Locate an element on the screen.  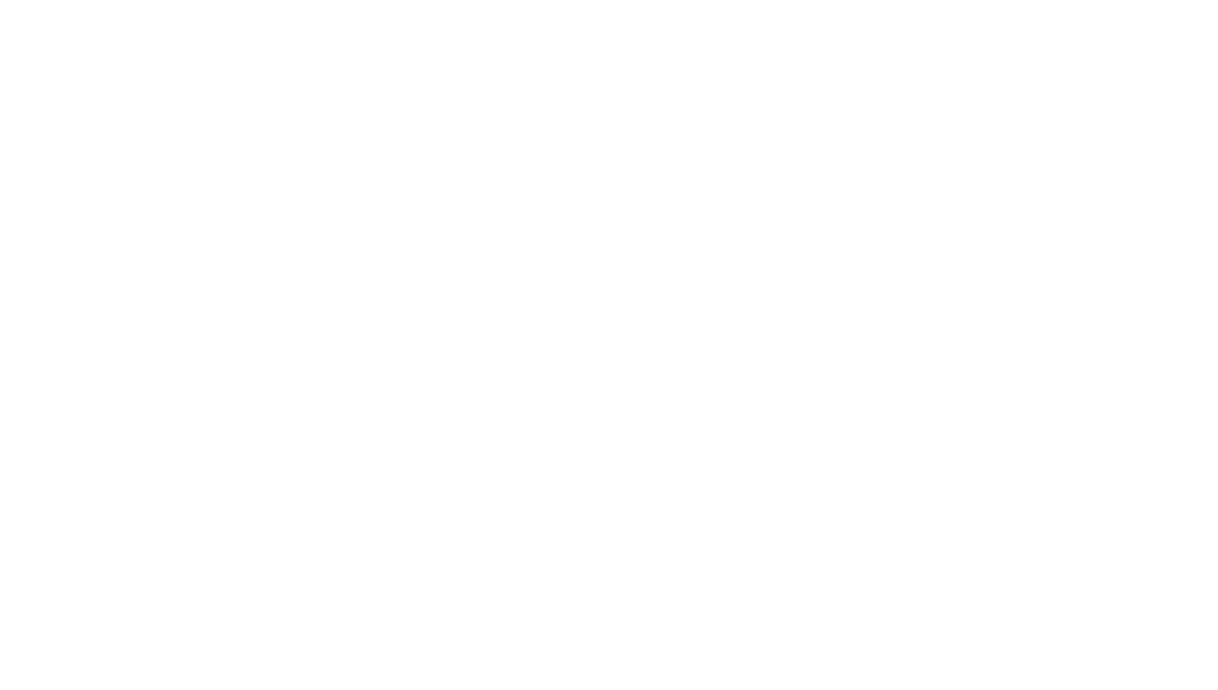
'The Revolution 6x6 is the second product in Black Lion Audio’s interface line.' is located at coordinates (546, 625).